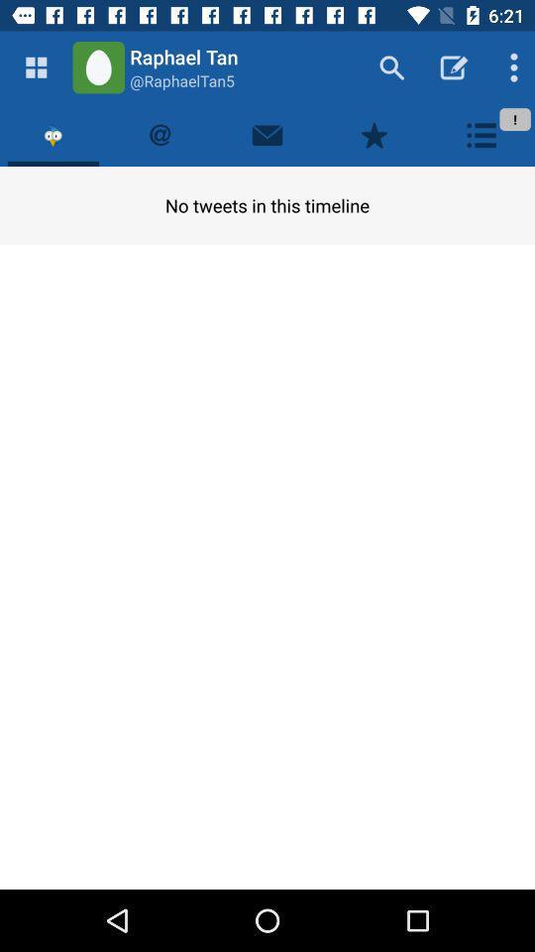 The width and height of the screenshot is (535, 952). I want to click on messages, so click(267, 134).